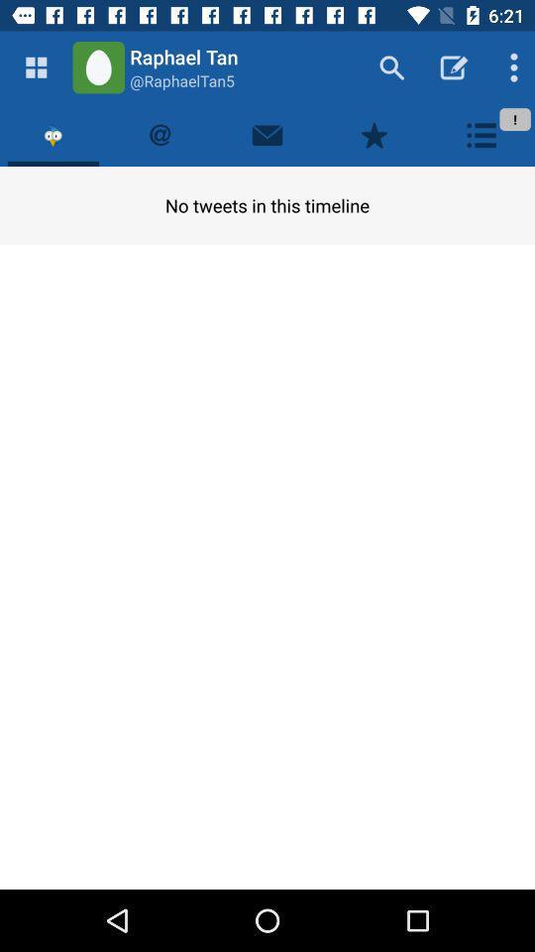 The width and height of the screenshot is (535, 952). I want to click on messages, so click(267, 134).